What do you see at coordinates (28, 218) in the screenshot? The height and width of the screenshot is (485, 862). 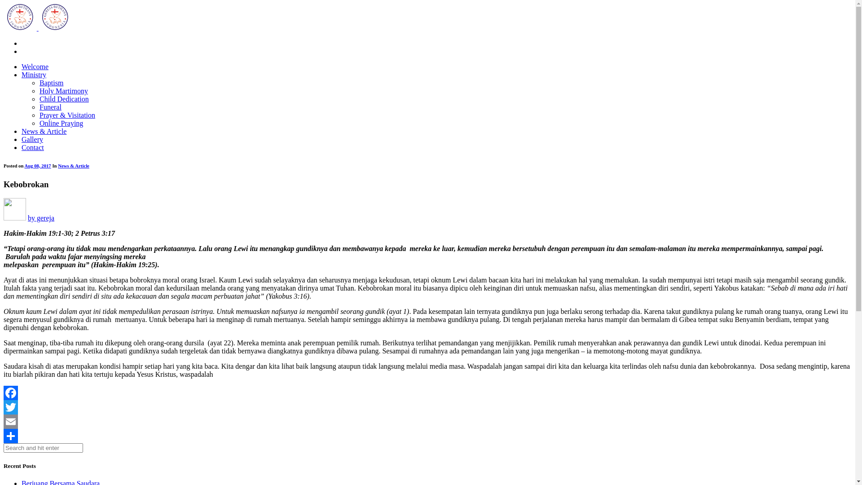 I see `'by gereja'` at bounding box center [28, 218].